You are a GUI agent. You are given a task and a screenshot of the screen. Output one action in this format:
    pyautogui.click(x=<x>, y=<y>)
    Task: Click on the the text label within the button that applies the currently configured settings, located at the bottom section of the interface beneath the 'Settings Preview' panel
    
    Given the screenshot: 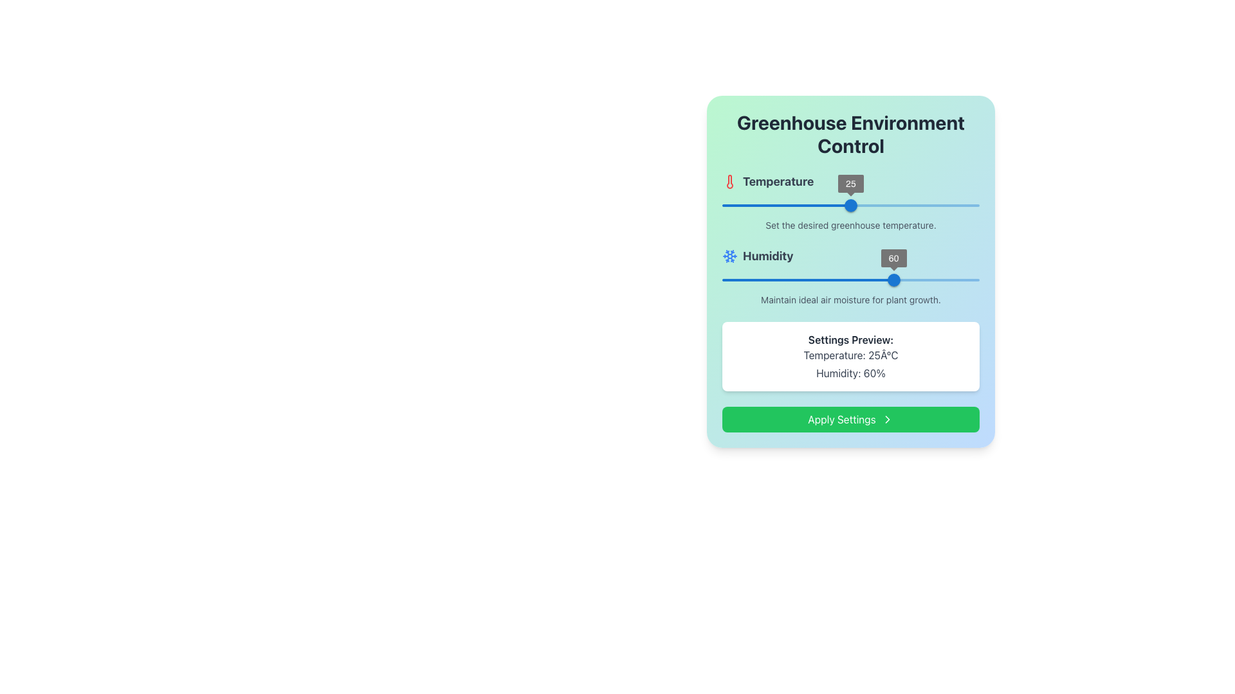 What is the action you would take?
    pyautogui.click(x=842, y=419)
    